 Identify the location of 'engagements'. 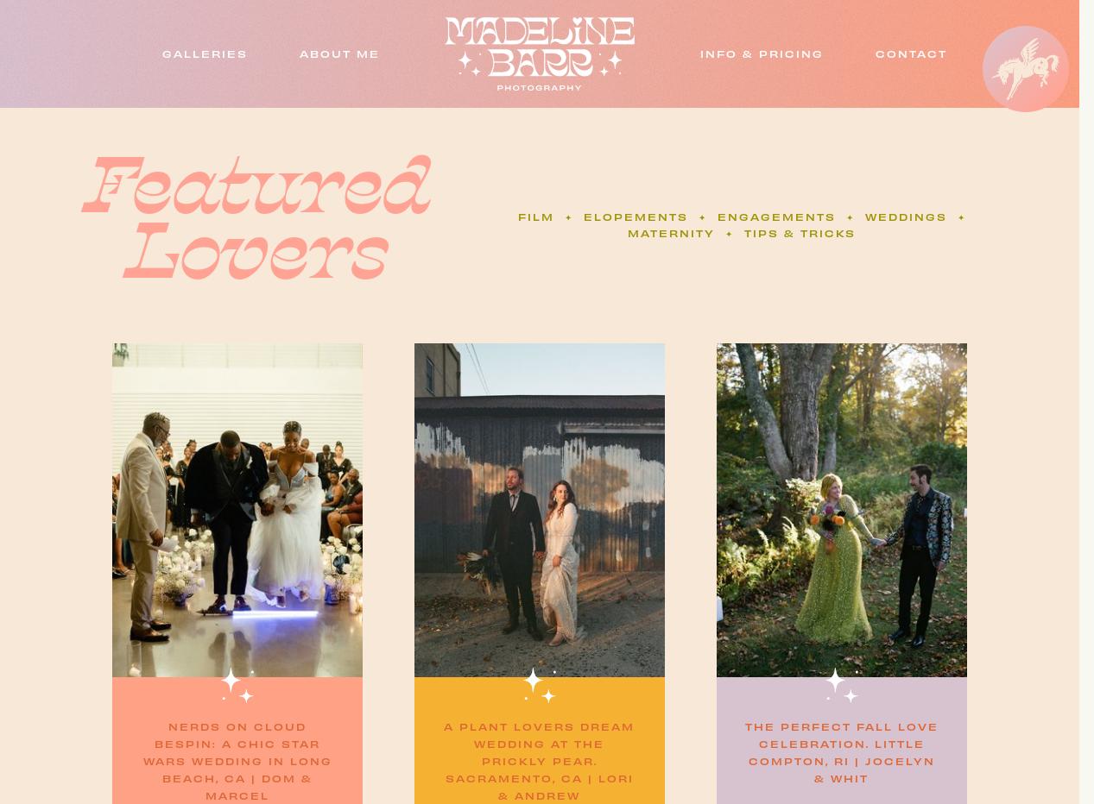
(775, 215).